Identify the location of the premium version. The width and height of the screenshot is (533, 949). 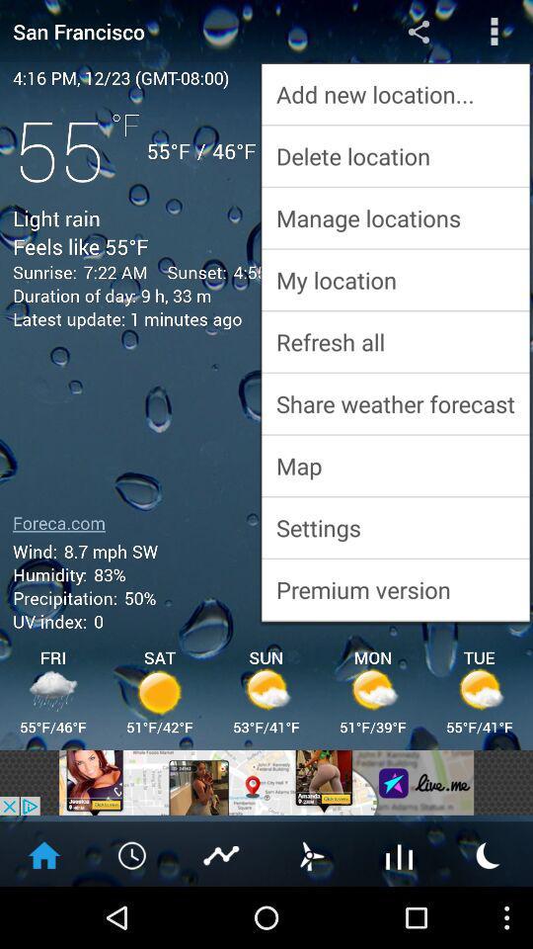
(395, 589).